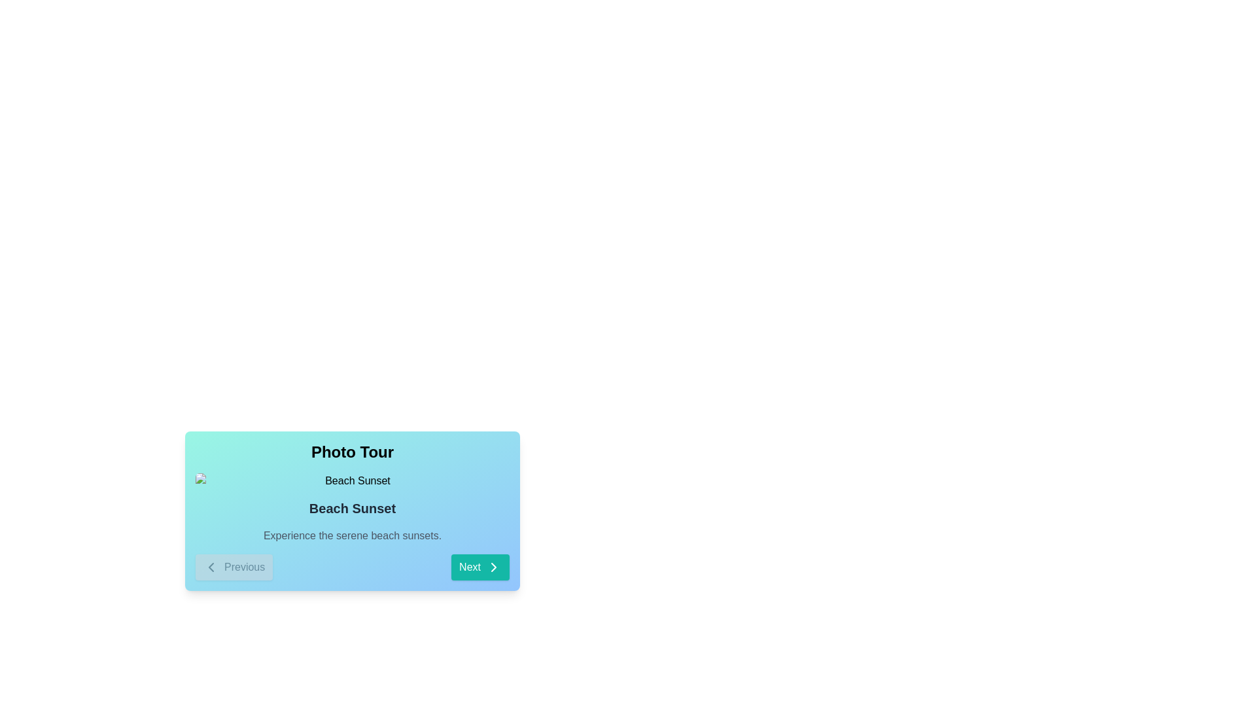  What do you see at coordinates (234, 566) in the screenshot?
I see `the Previous button to navigate to the Previous step` at bounding box center [234, 566].